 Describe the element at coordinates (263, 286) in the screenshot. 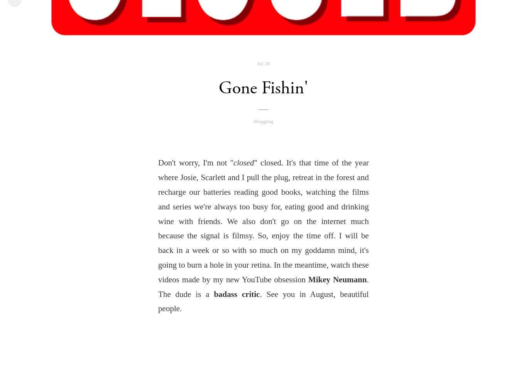

I see `'. The dude is a'` at that location.